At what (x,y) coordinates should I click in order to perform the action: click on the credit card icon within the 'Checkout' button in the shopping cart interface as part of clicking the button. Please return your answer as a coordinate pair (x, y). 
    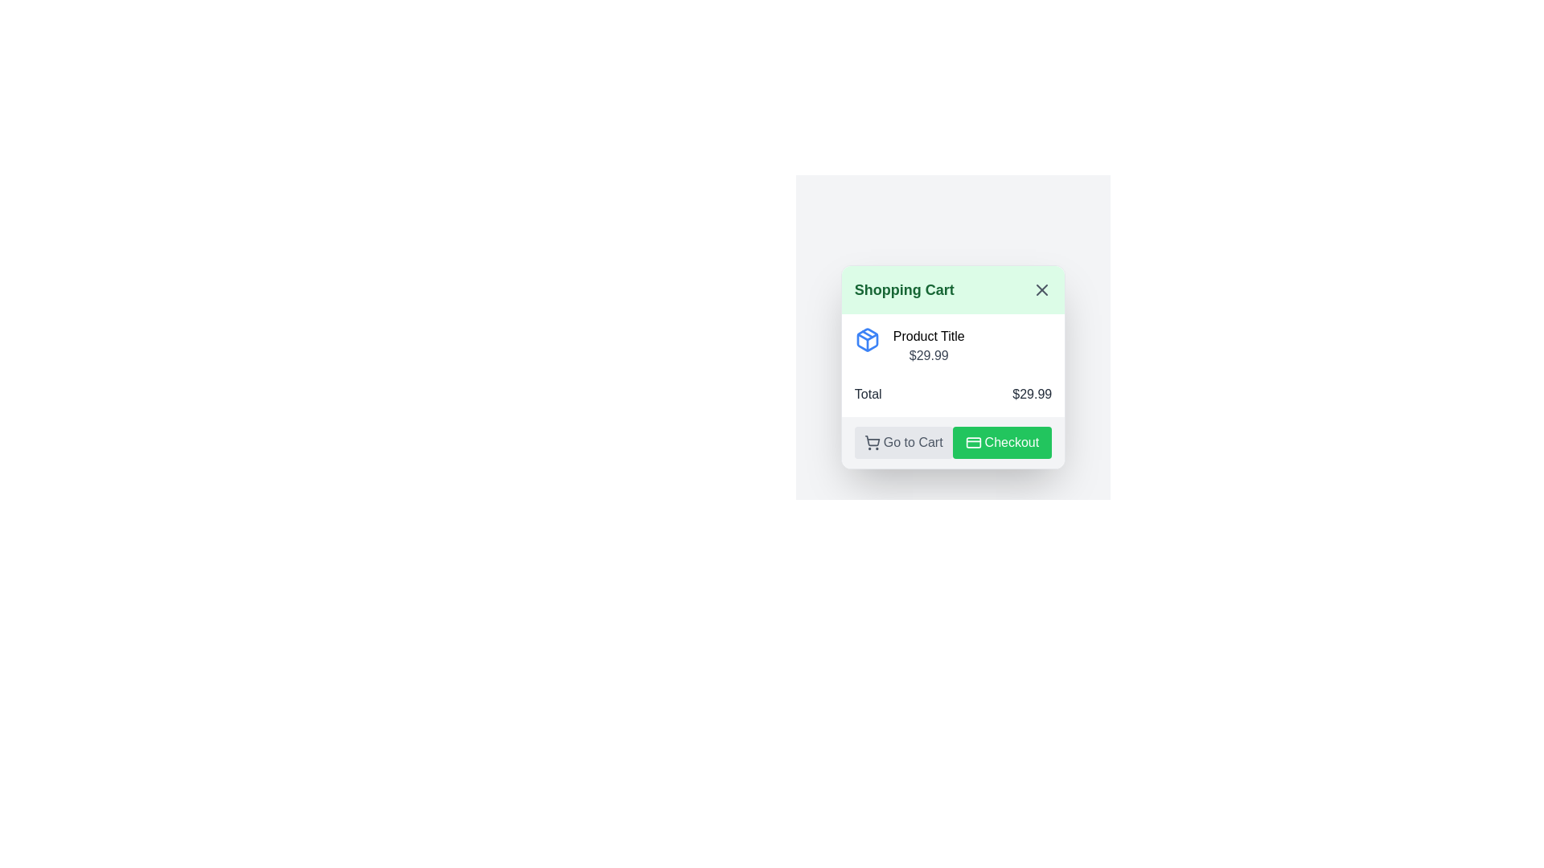
    Looking at the image, I should click on (972, 443).